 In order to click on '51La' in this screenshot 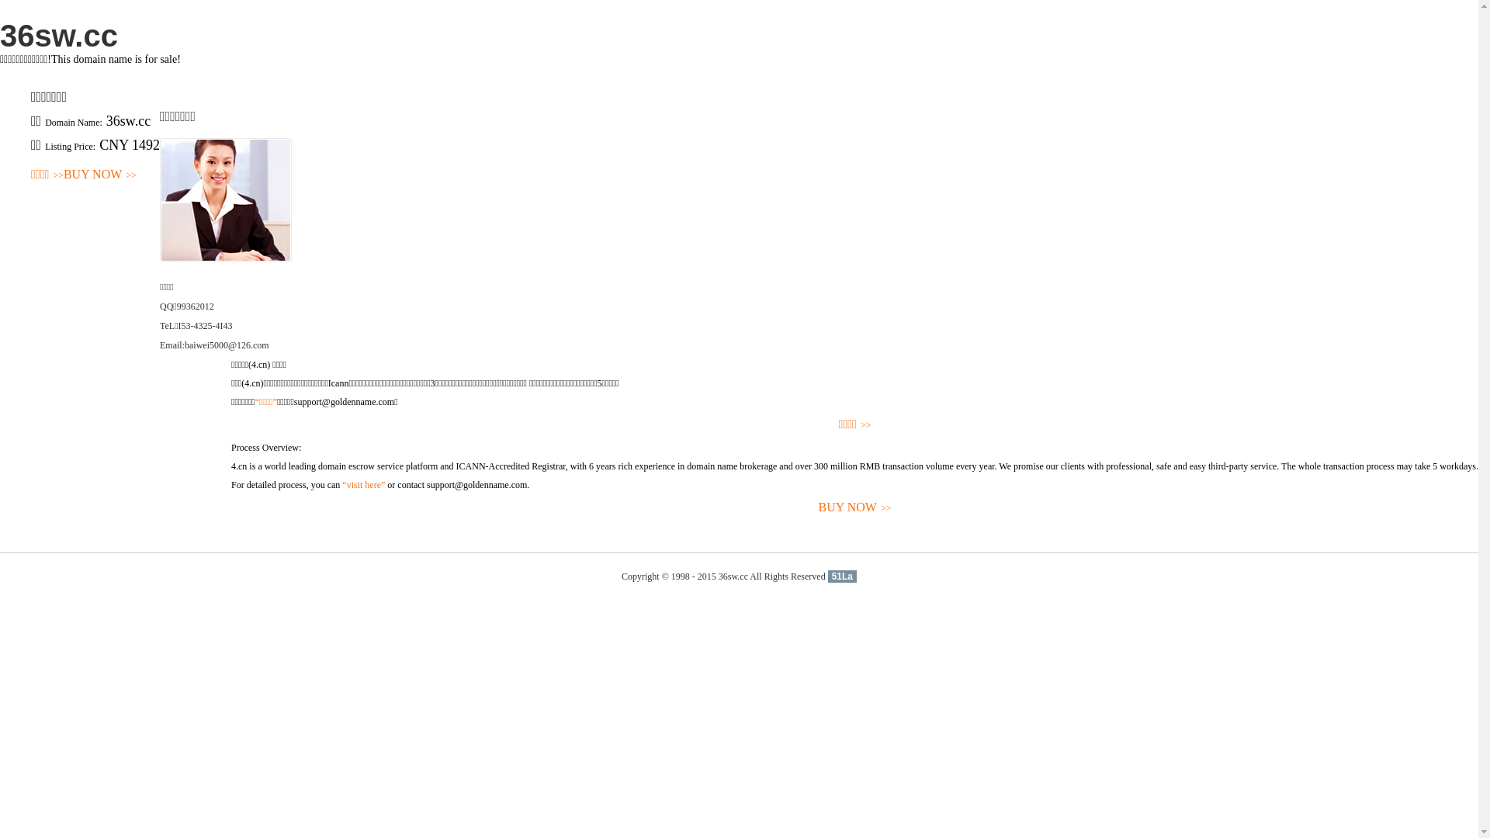, I will do `click(841, 577)`.